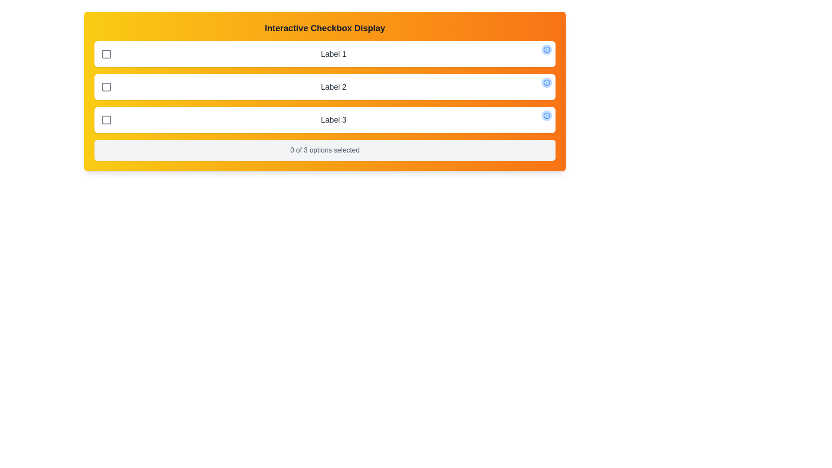  Describe the element at coordinates (546, 115) in the screenshot. I see `the information icon for option 3` at that location.